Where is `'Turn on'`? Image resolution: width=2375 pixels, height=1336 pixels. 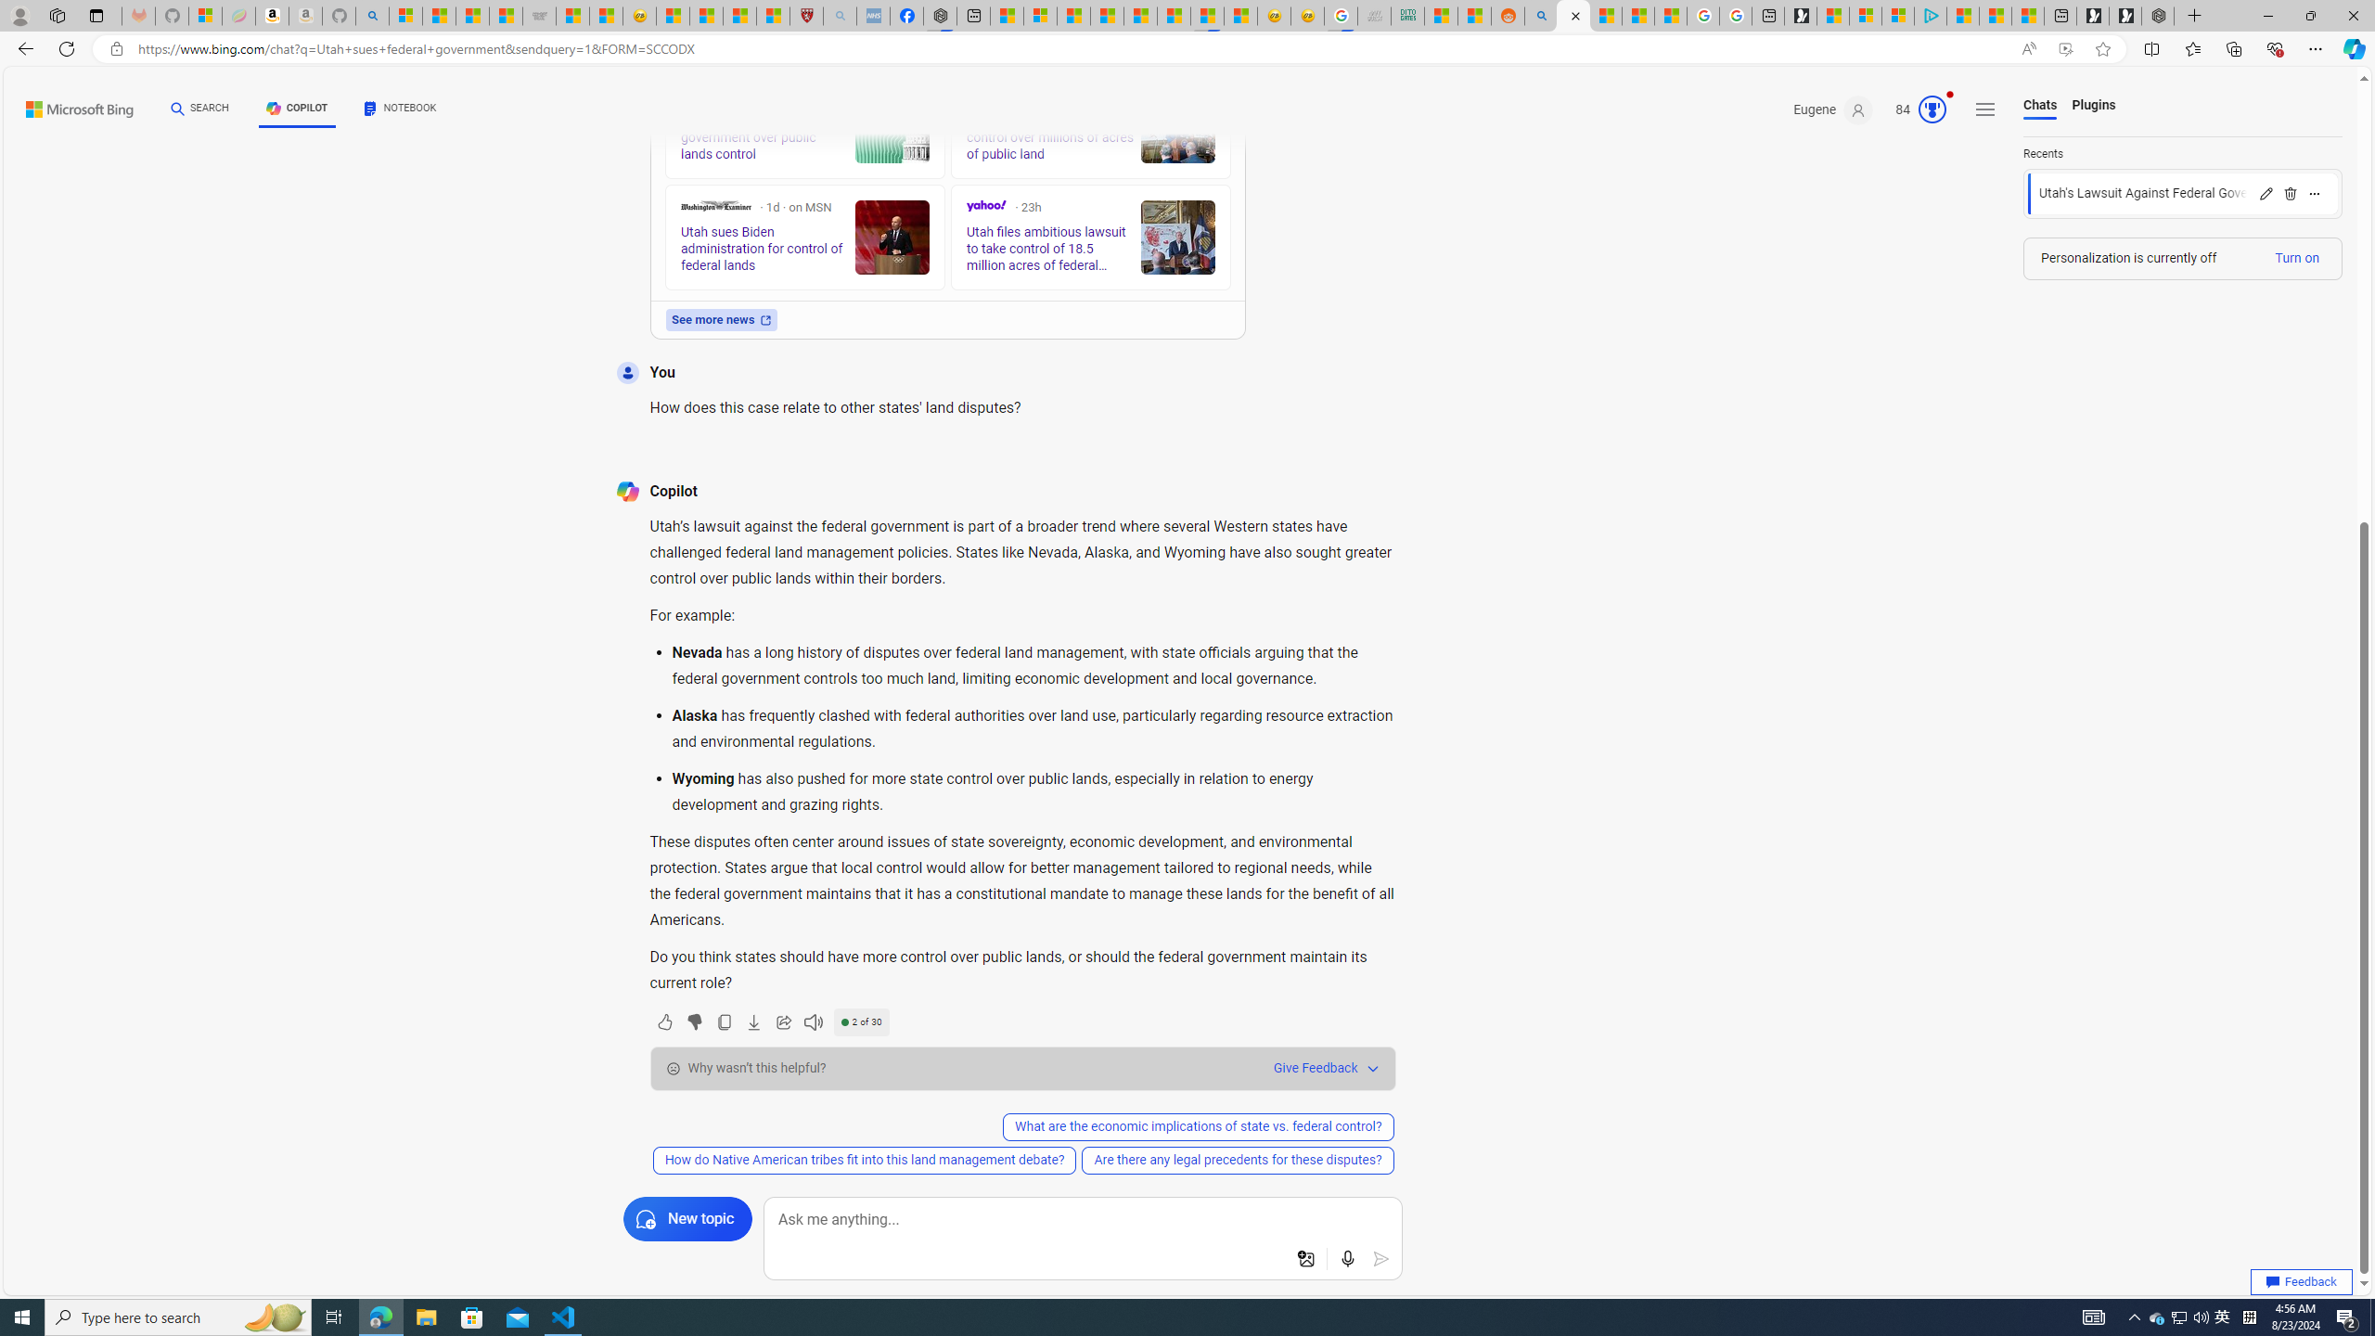
'Turn on' is located at coordinates (2295, 256).